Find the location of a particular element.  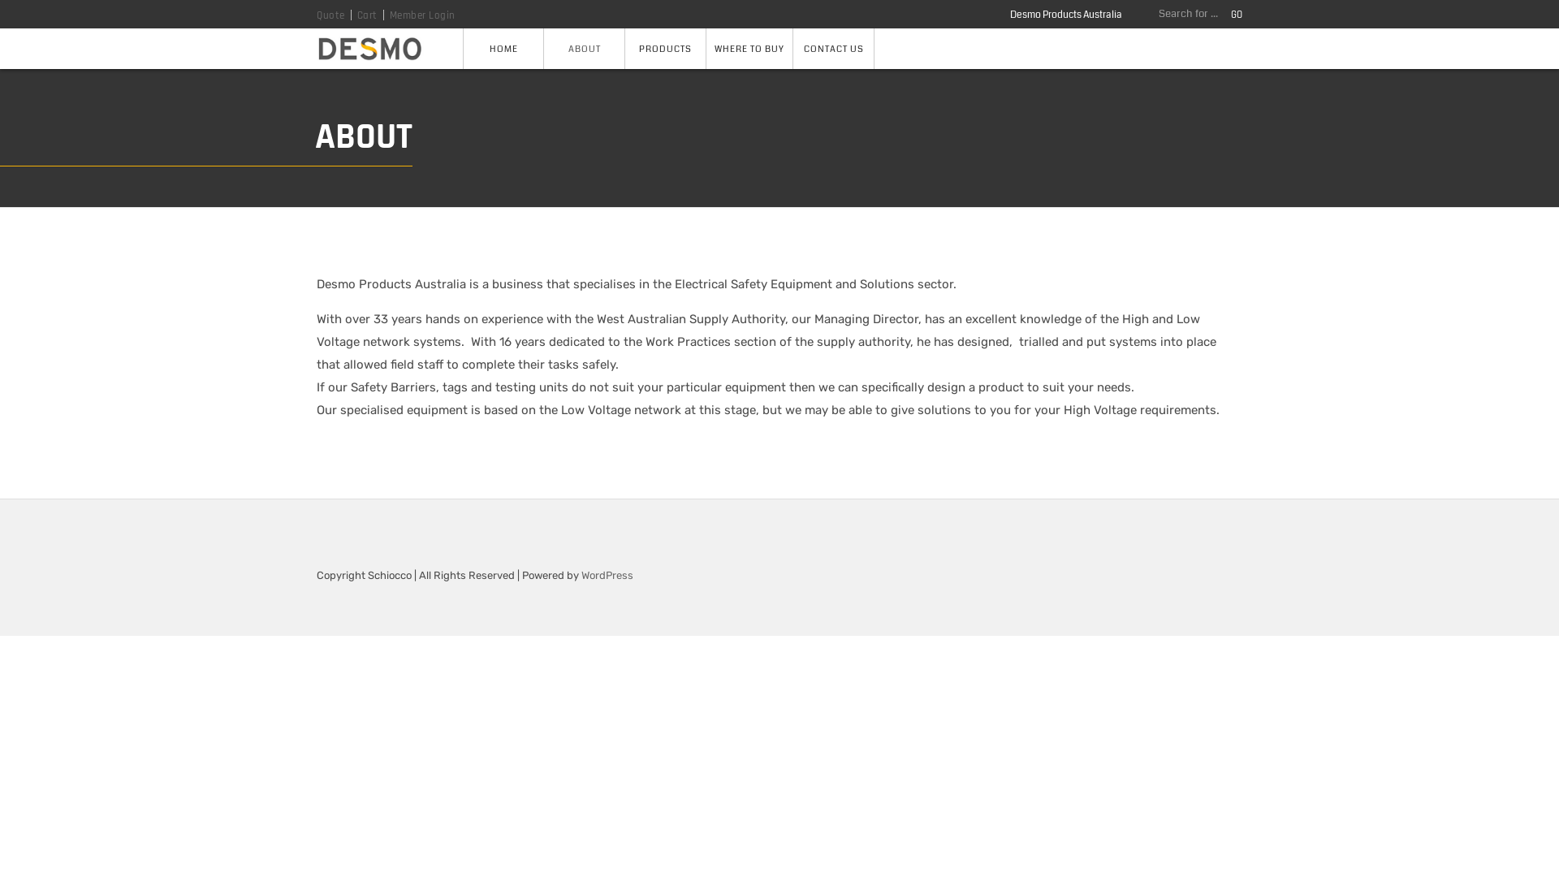

'PRODUCTS' is located at coordinates (624, 48).